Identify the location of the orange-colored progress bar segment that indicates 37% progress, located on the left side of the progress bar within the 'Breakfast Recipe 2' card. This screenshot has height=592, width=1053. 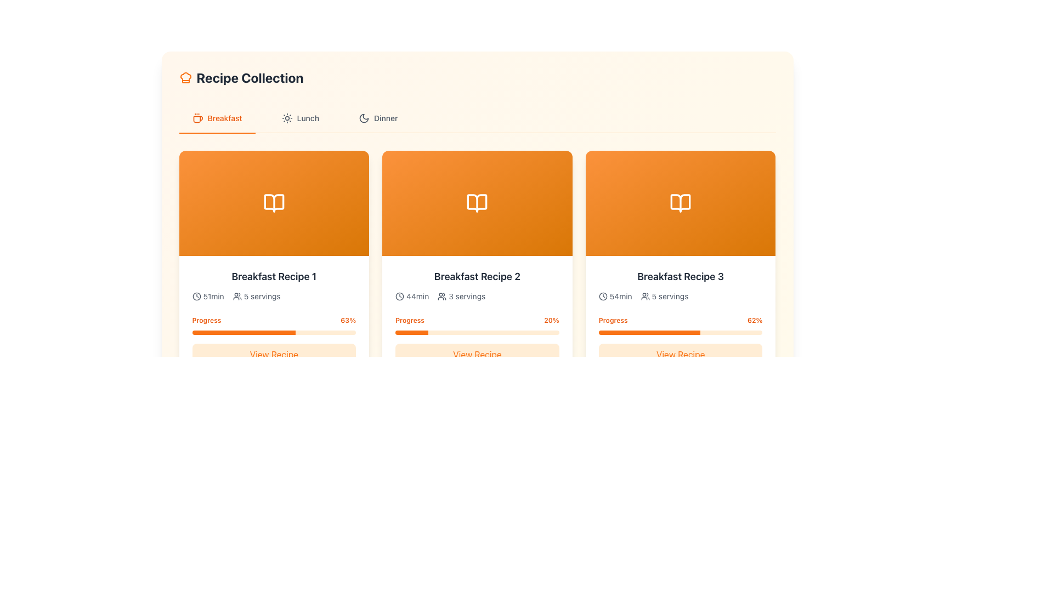
(222, 573).